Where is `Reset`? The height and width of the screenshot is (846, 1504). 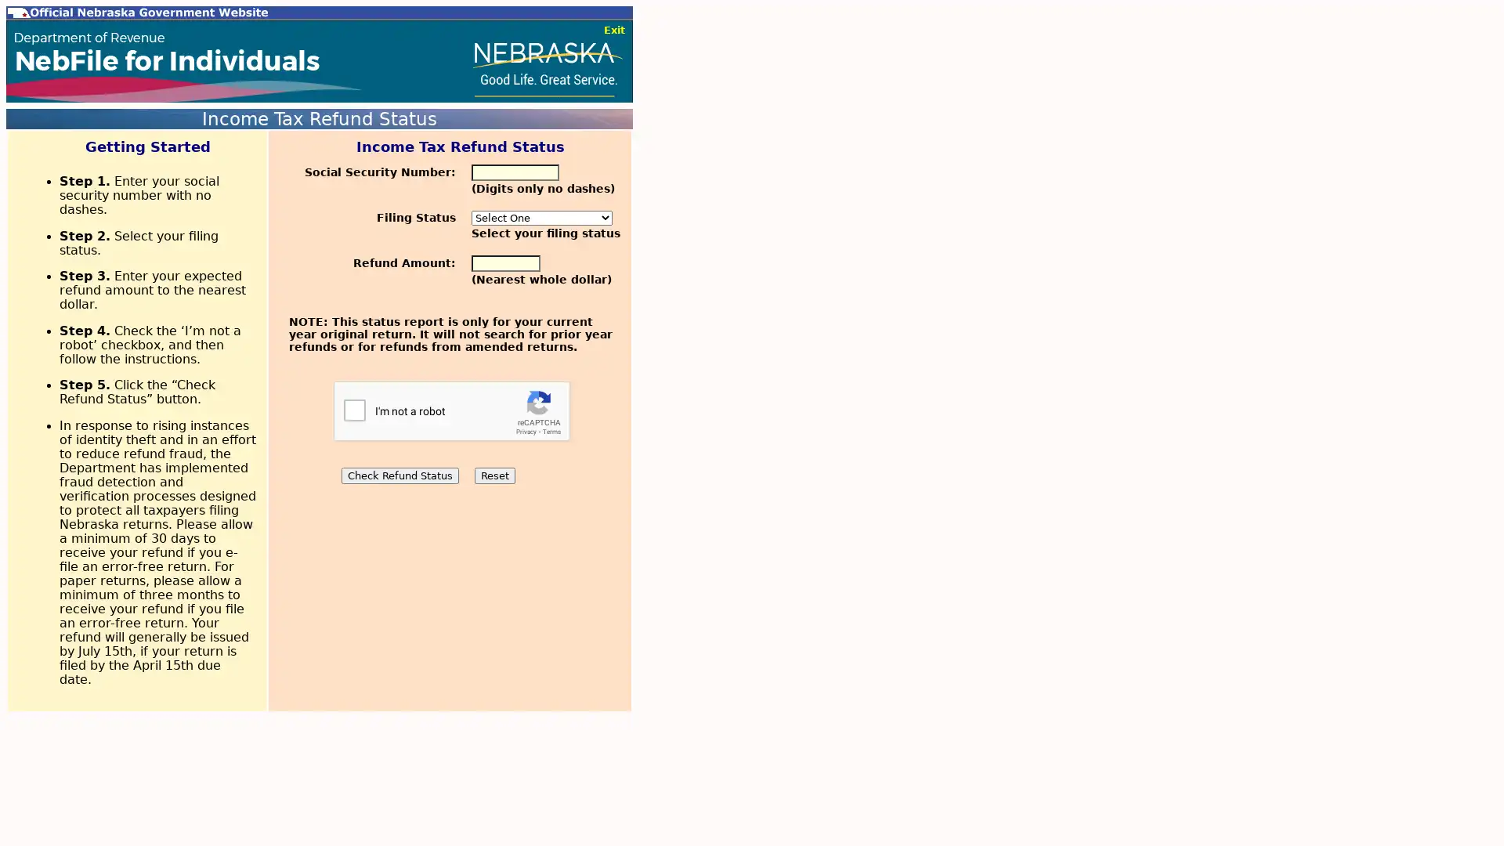 Reset is located at coordinates (493, 475).